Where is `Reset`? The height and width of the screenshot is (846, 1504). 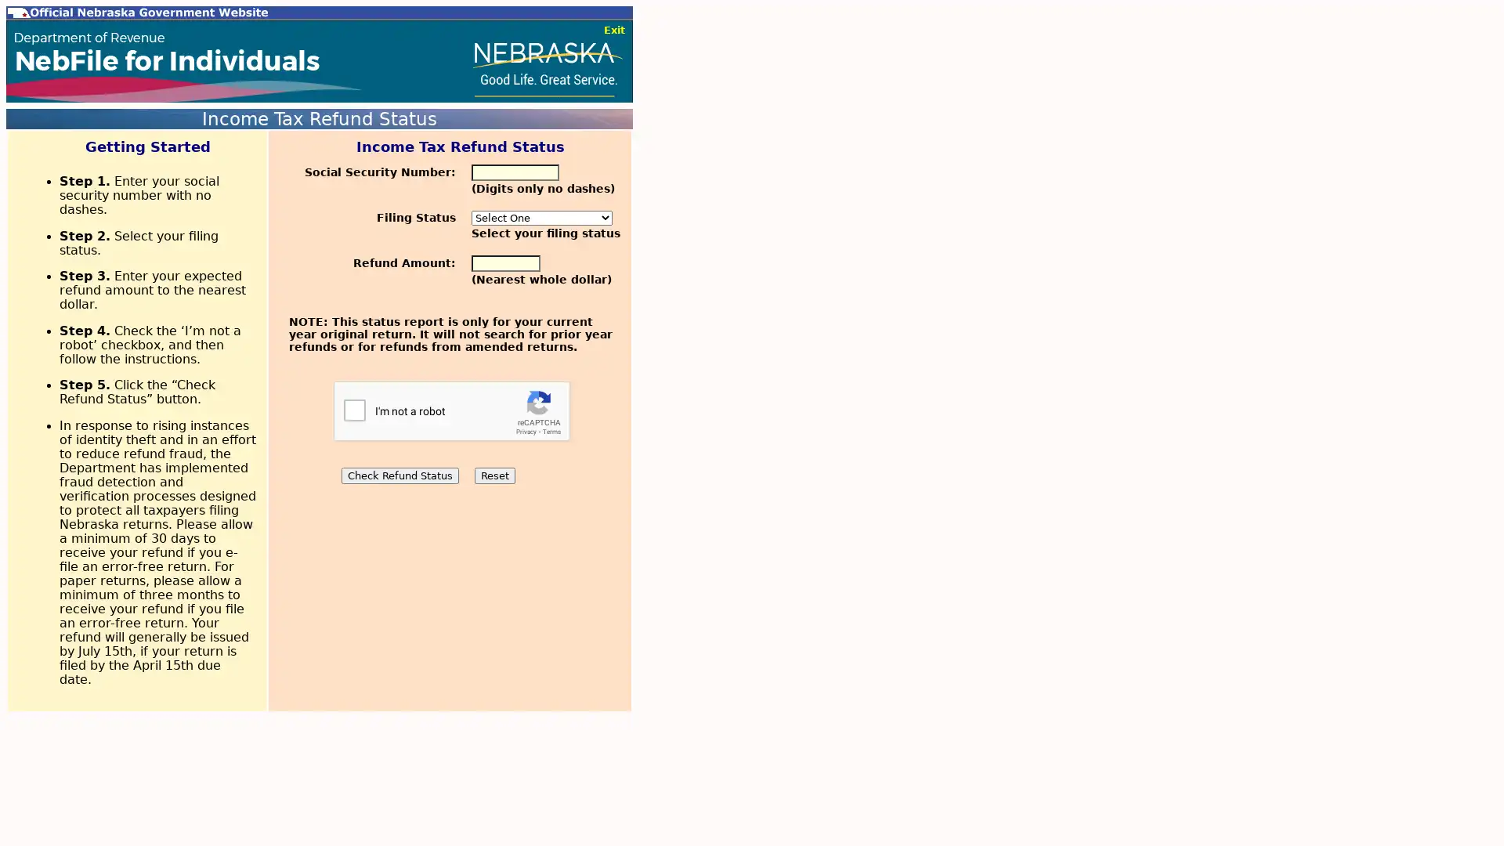 Reset is located at coordinates (493, 475).